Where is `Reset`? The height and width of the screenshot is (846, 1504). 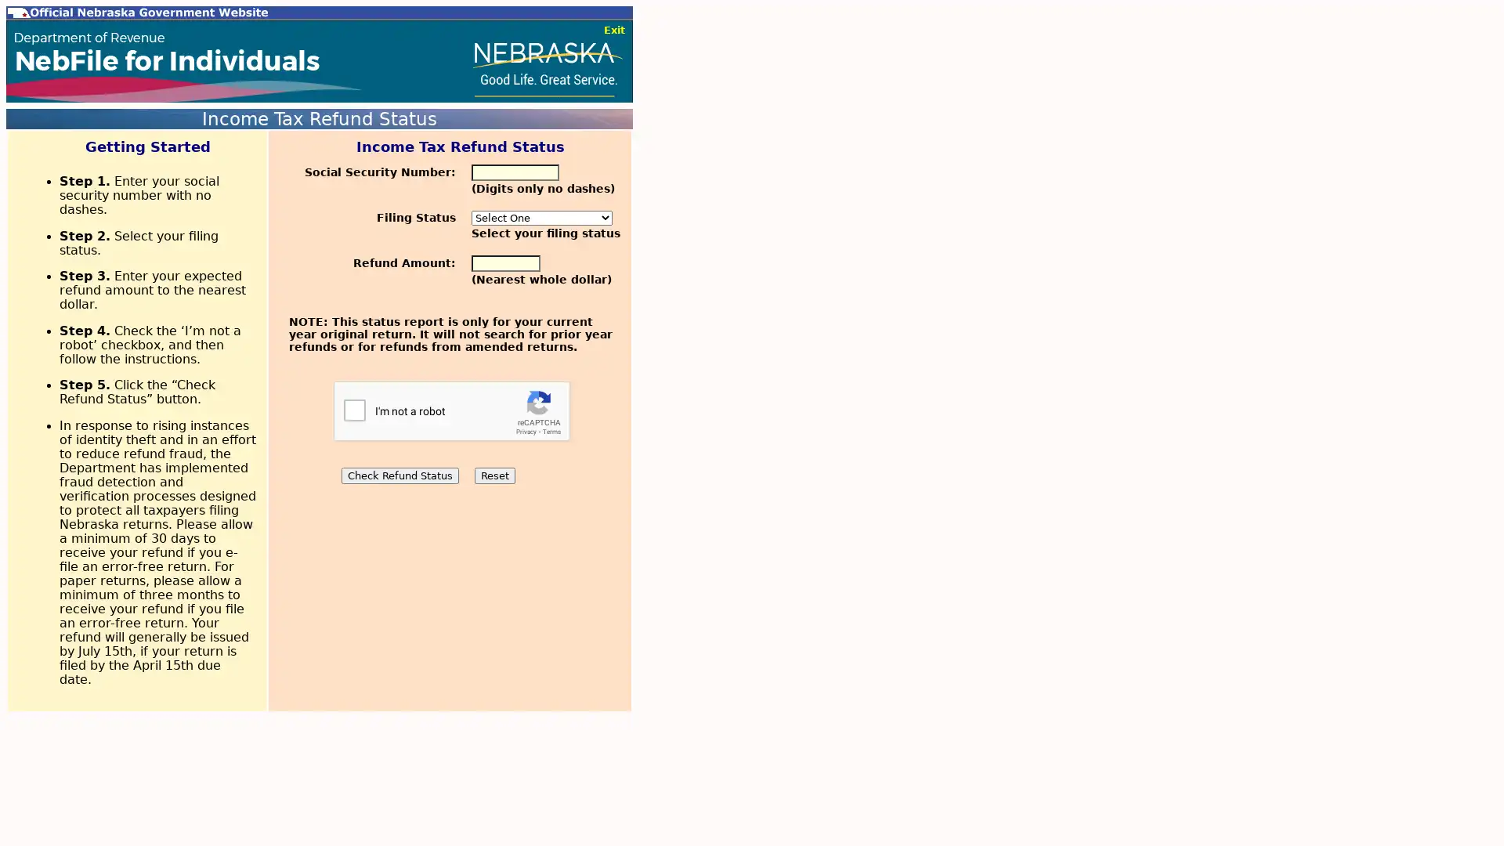 Reset is located at coordinates (493, 475).